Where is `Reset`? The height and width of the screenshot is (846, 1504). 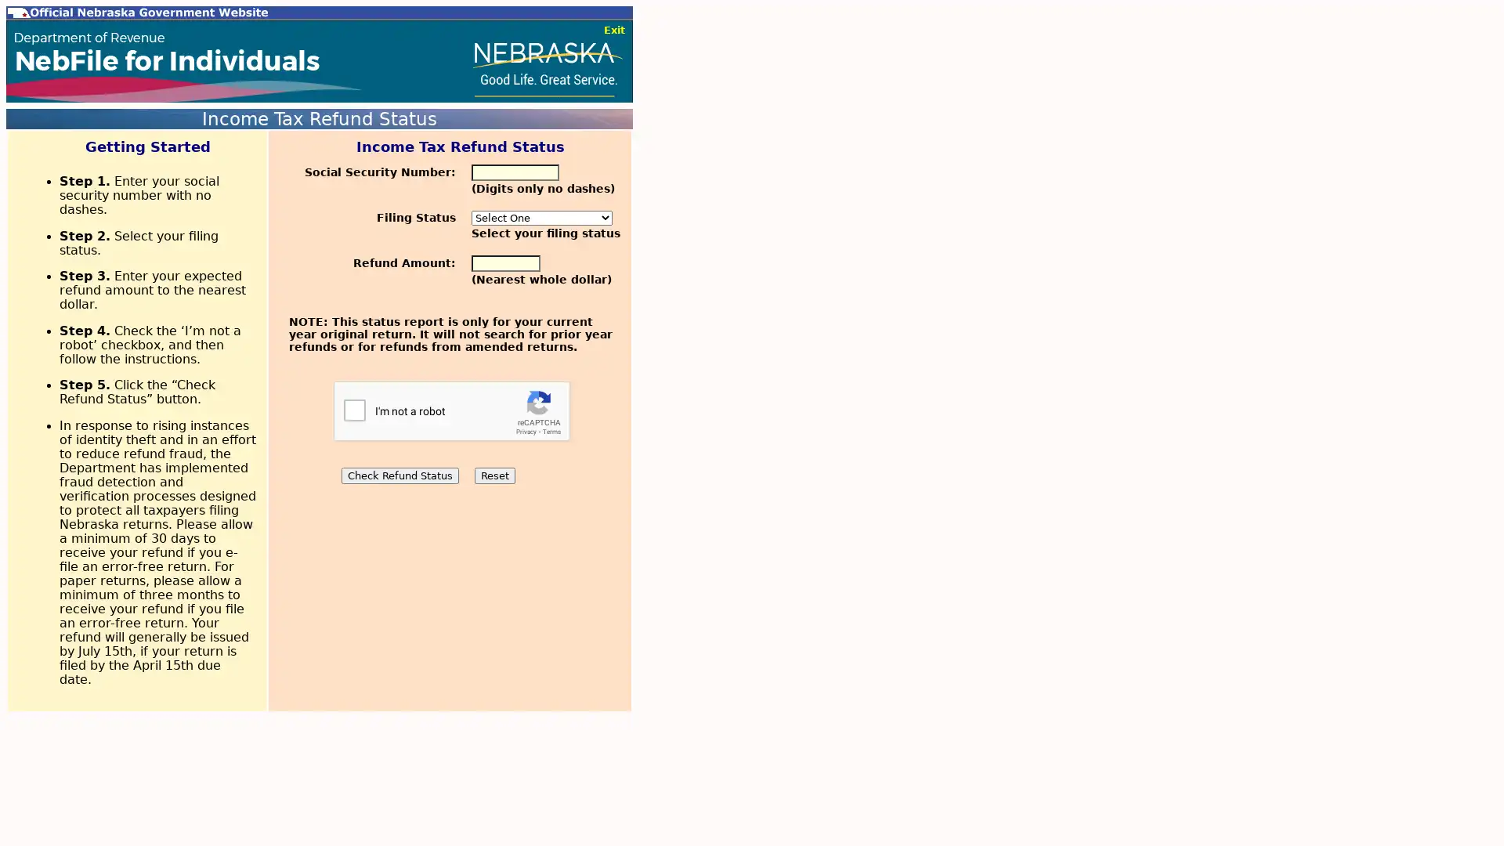 Reset is located at coordinates (493, 475).